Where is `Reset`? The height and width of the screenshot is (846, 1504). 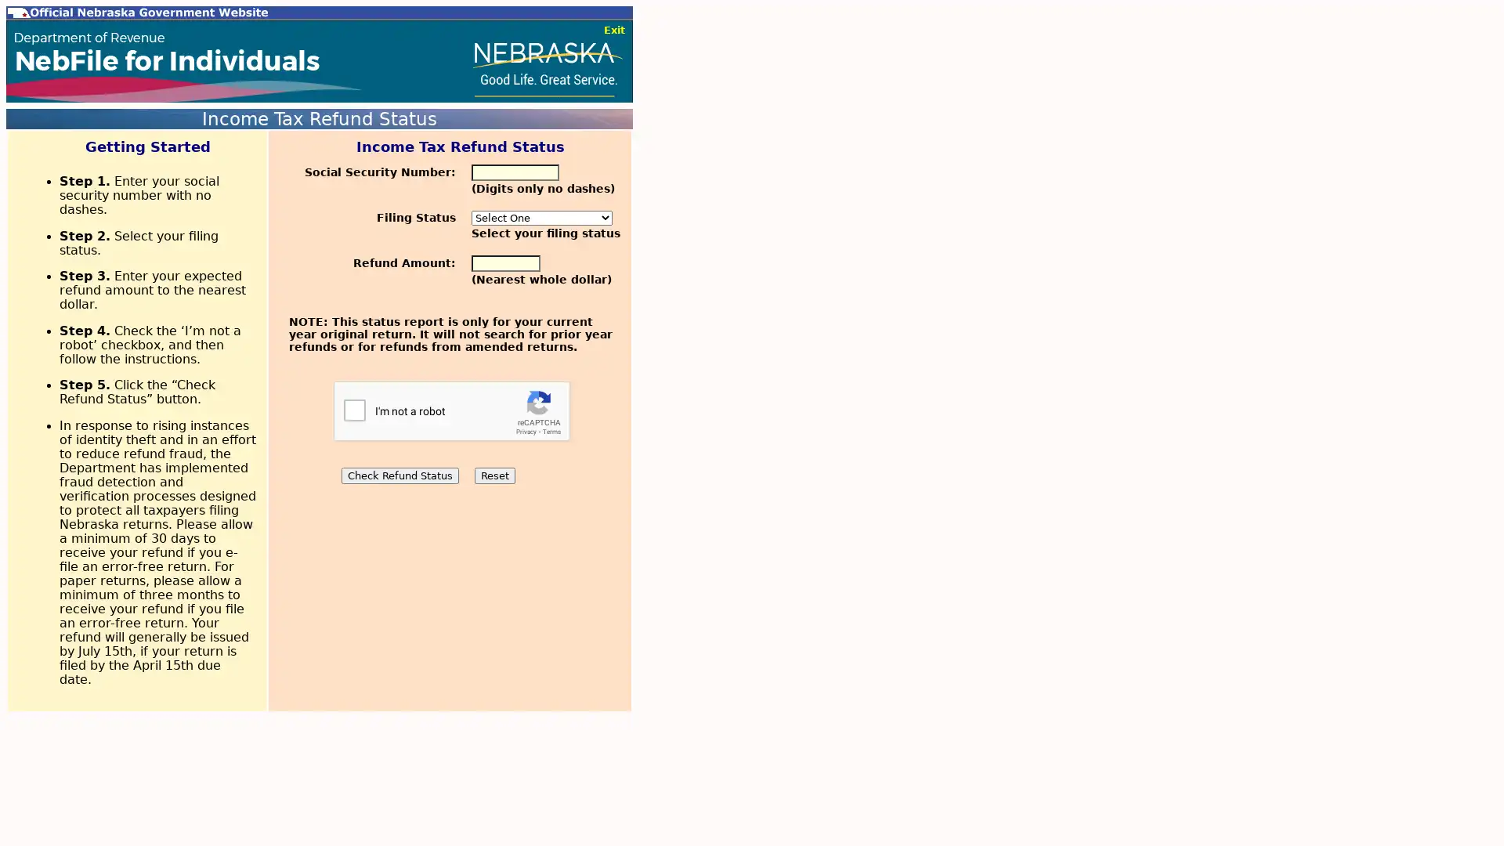 Reset is located at coordinates (493, 475).